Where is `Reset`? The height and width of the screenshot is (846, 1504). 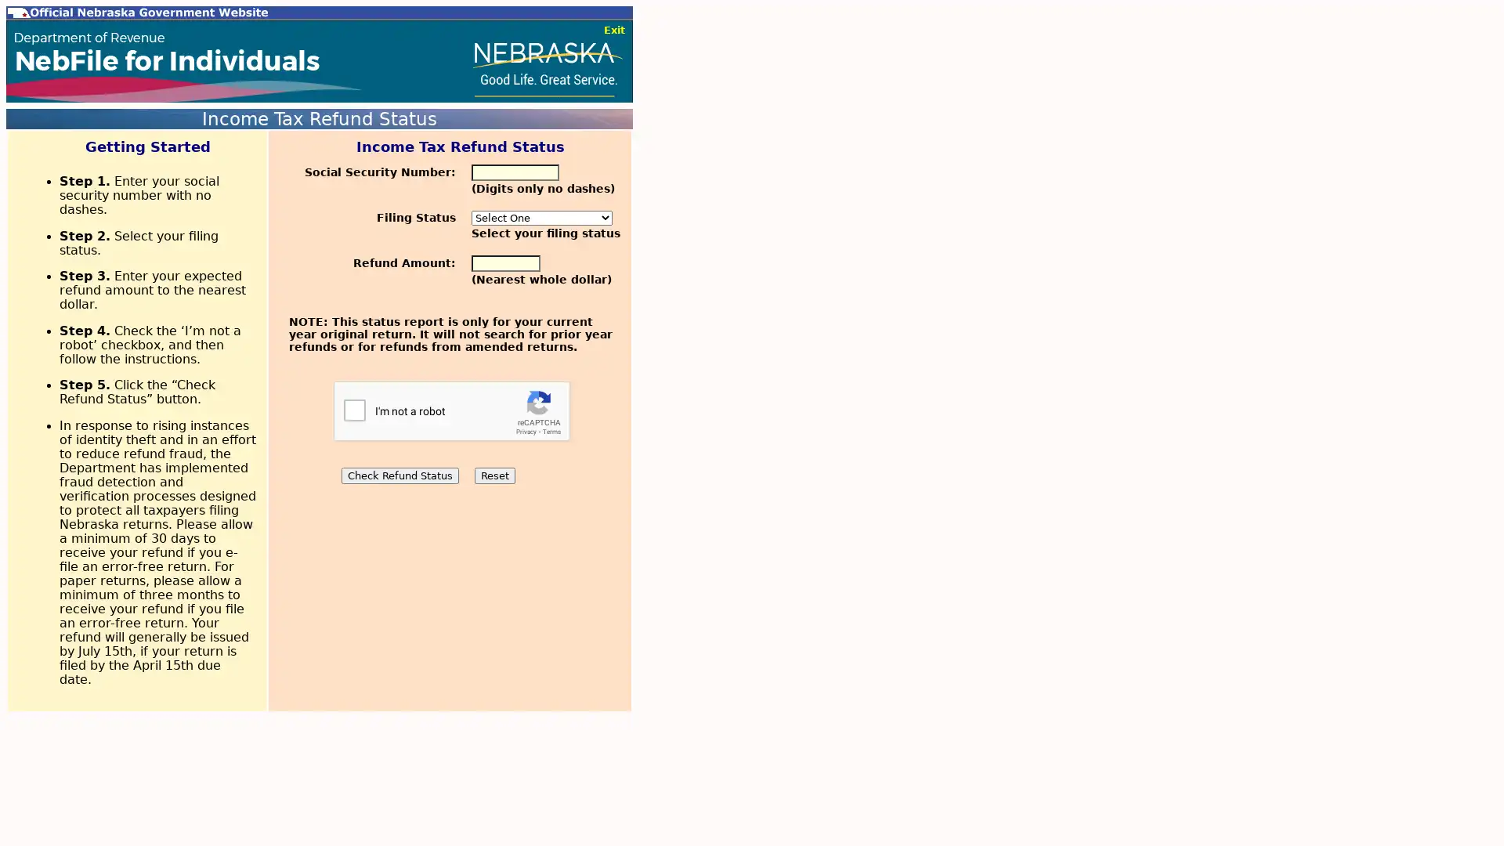 Reset is located at coordinates (493, 475).